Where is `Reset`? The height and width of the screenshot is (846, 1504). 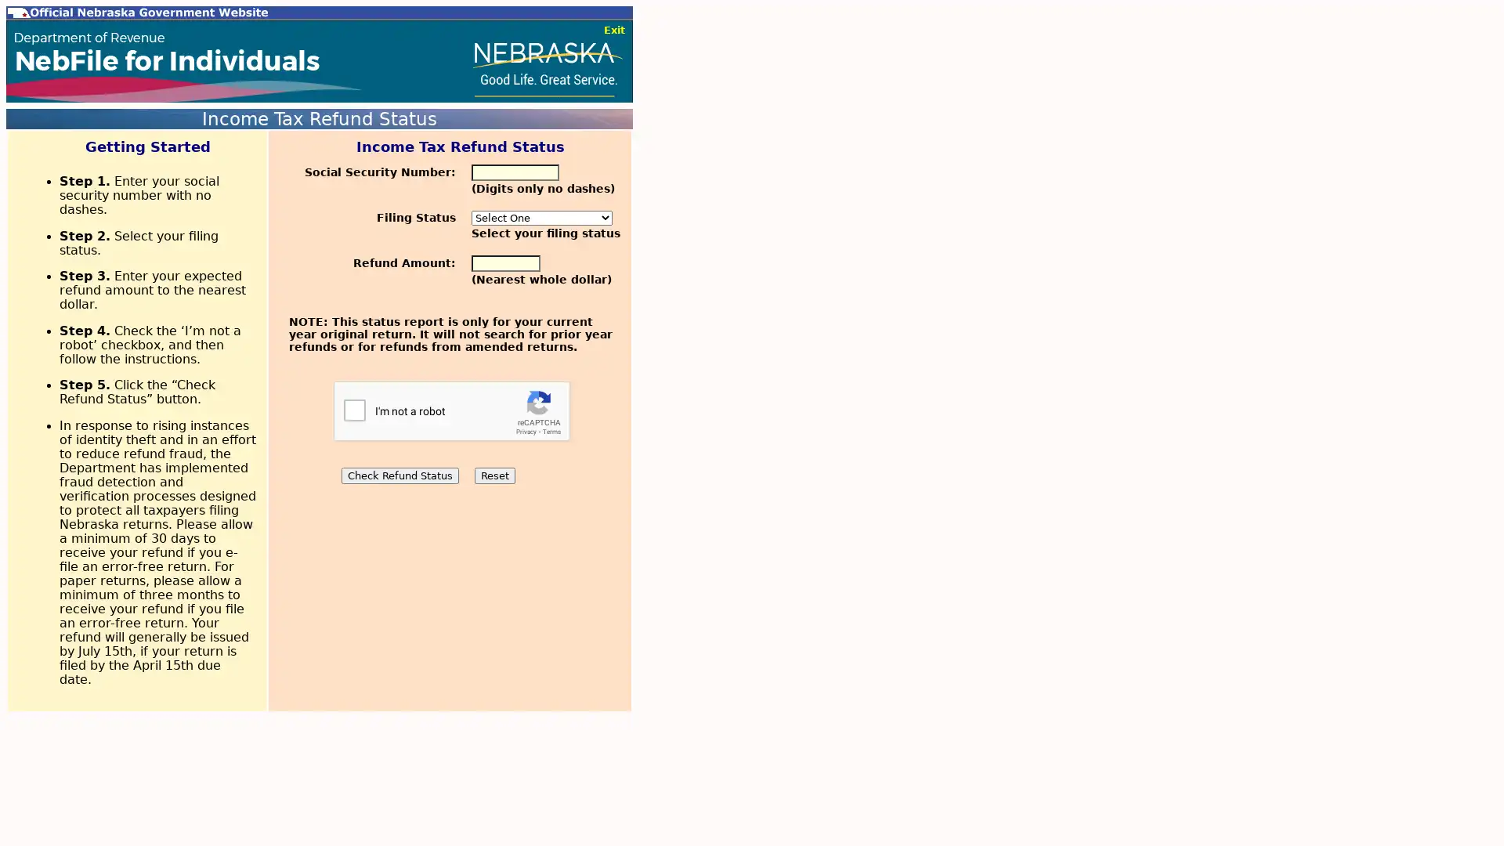 Reset is located at coordinates (493, 475).